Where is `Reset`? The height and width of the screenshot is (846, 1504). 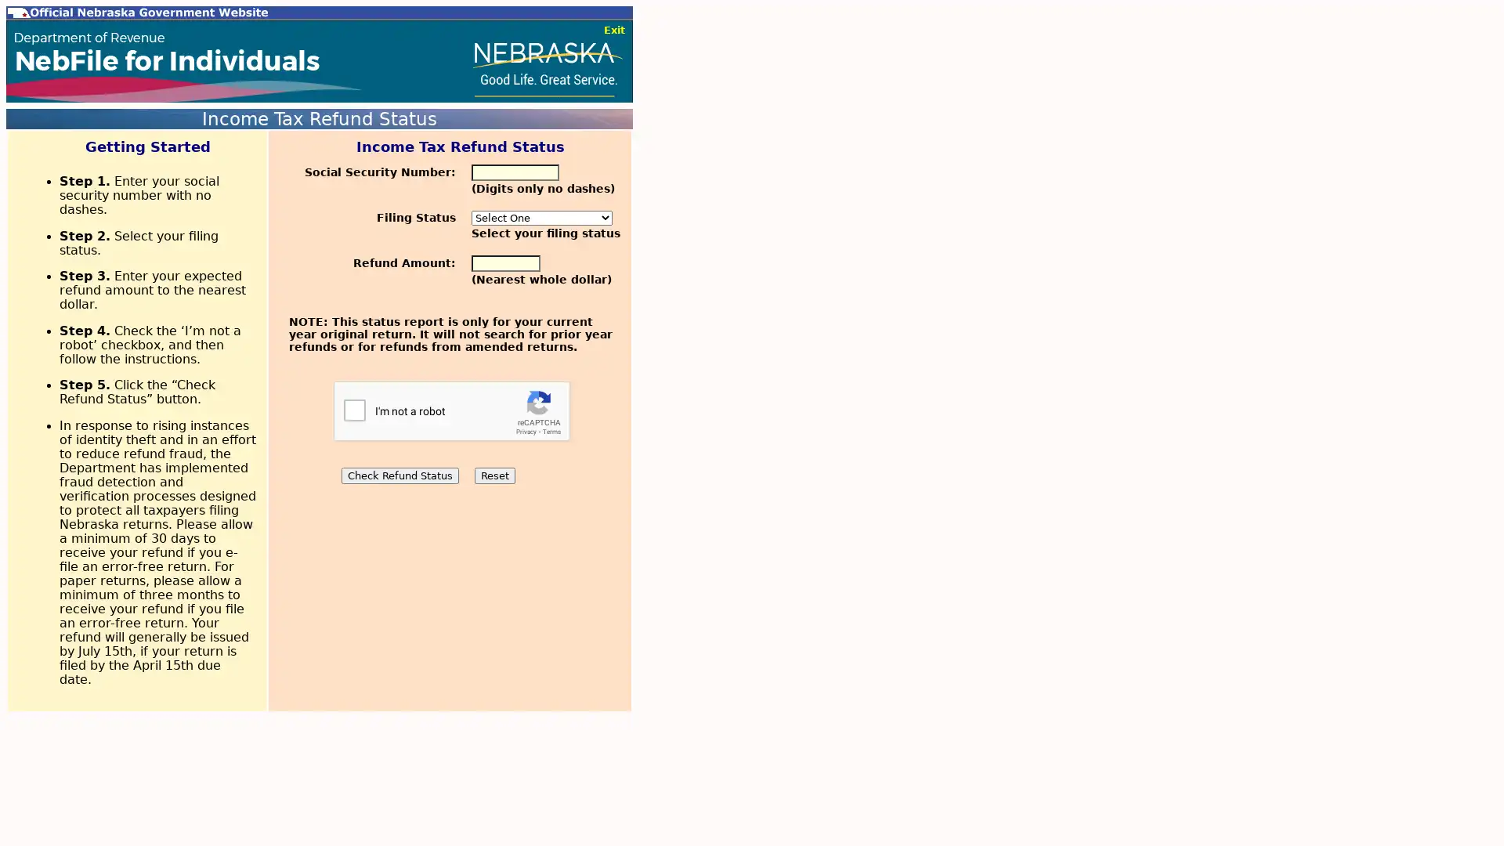 Reset is located at coordinates (493, 475).